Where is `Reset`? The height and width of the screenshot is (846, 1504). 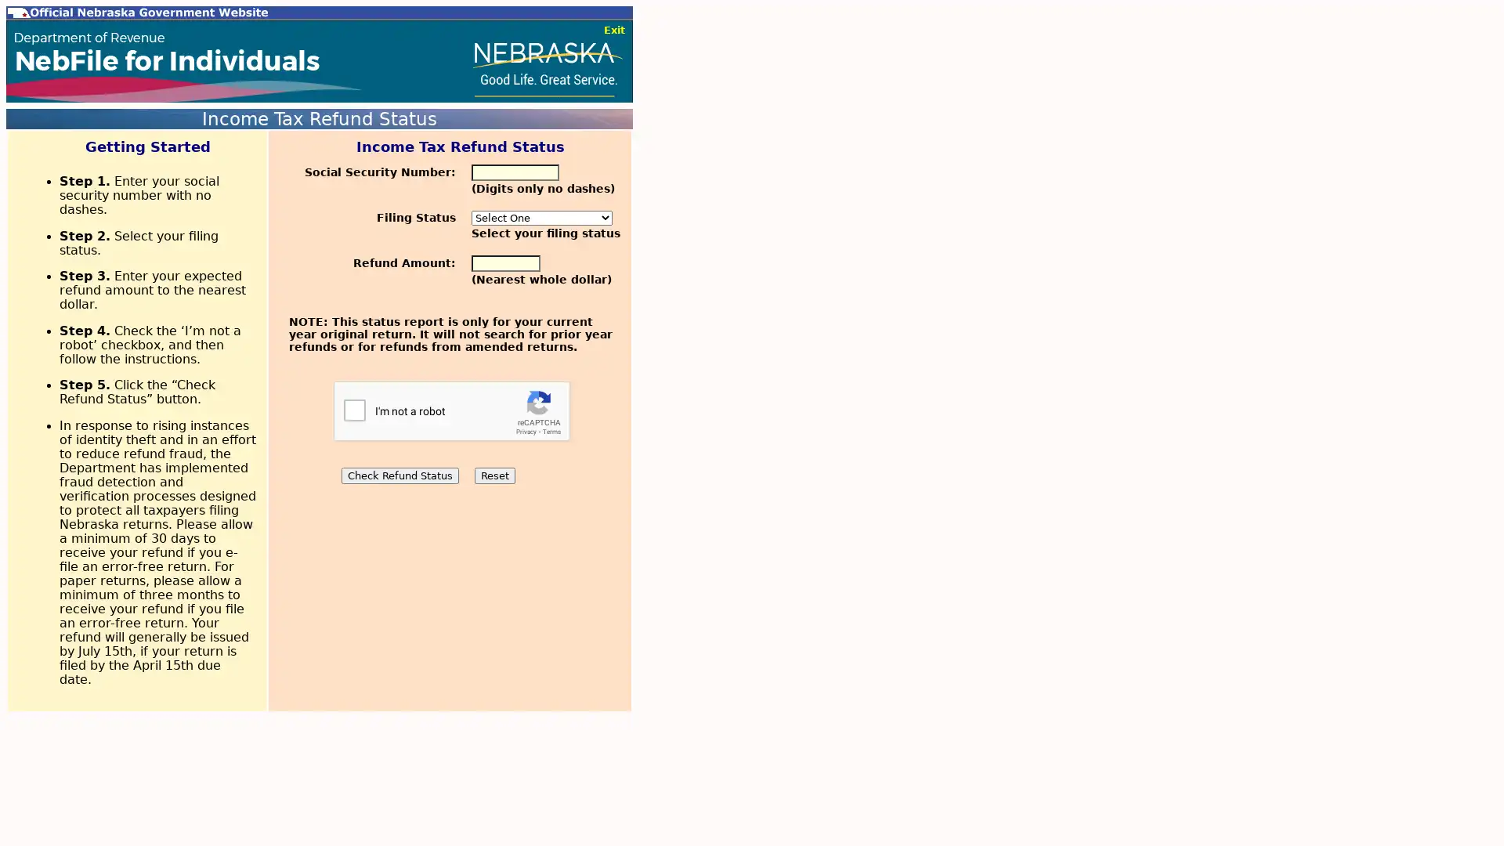 Reset is located at coordinates (493, 475).